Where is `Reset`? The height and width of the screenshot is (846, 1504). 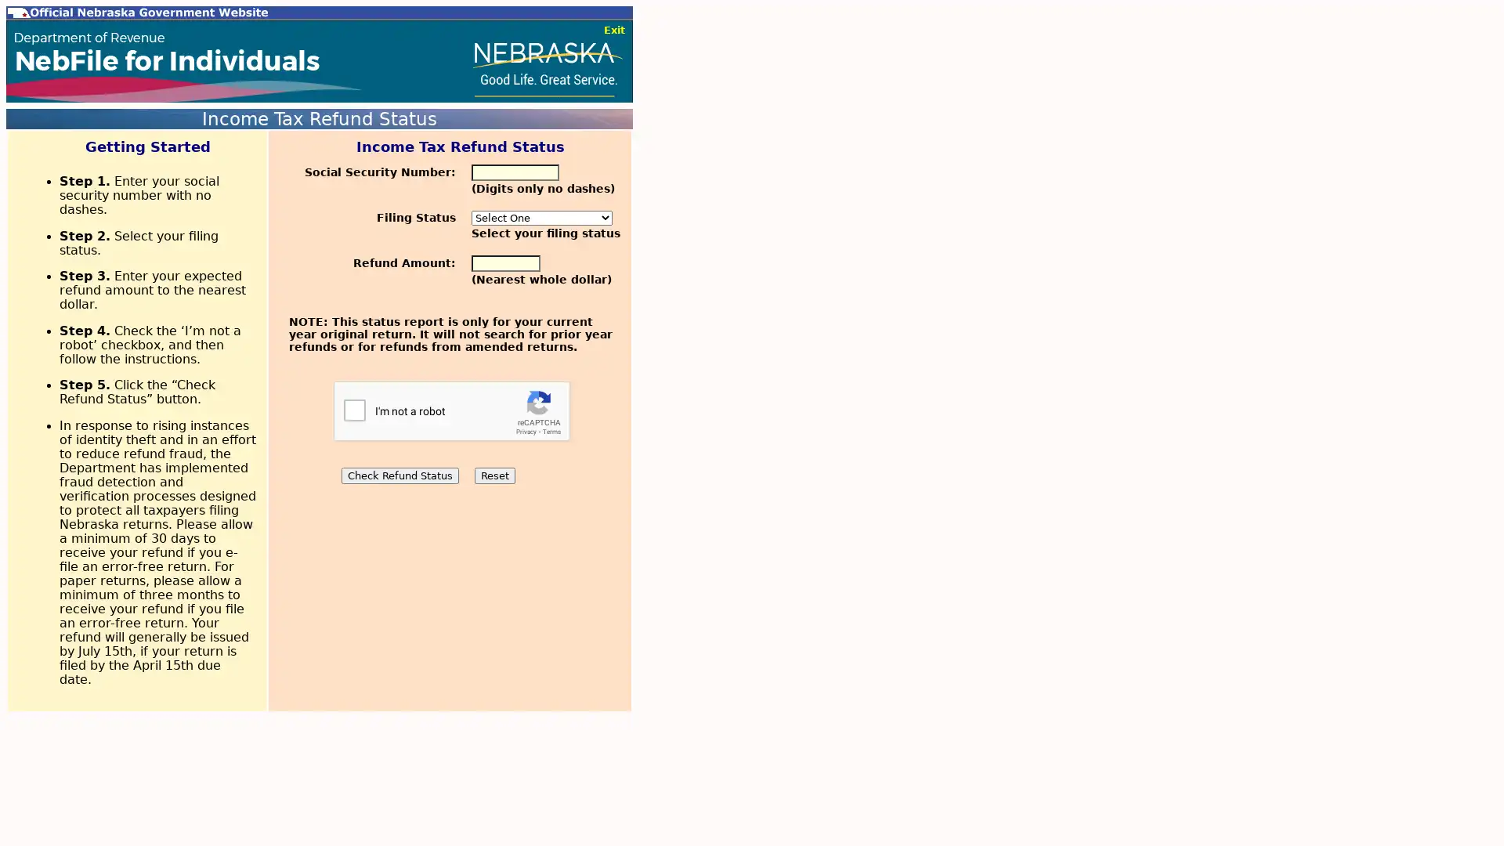 Reset is located at coordinates (493, 475).